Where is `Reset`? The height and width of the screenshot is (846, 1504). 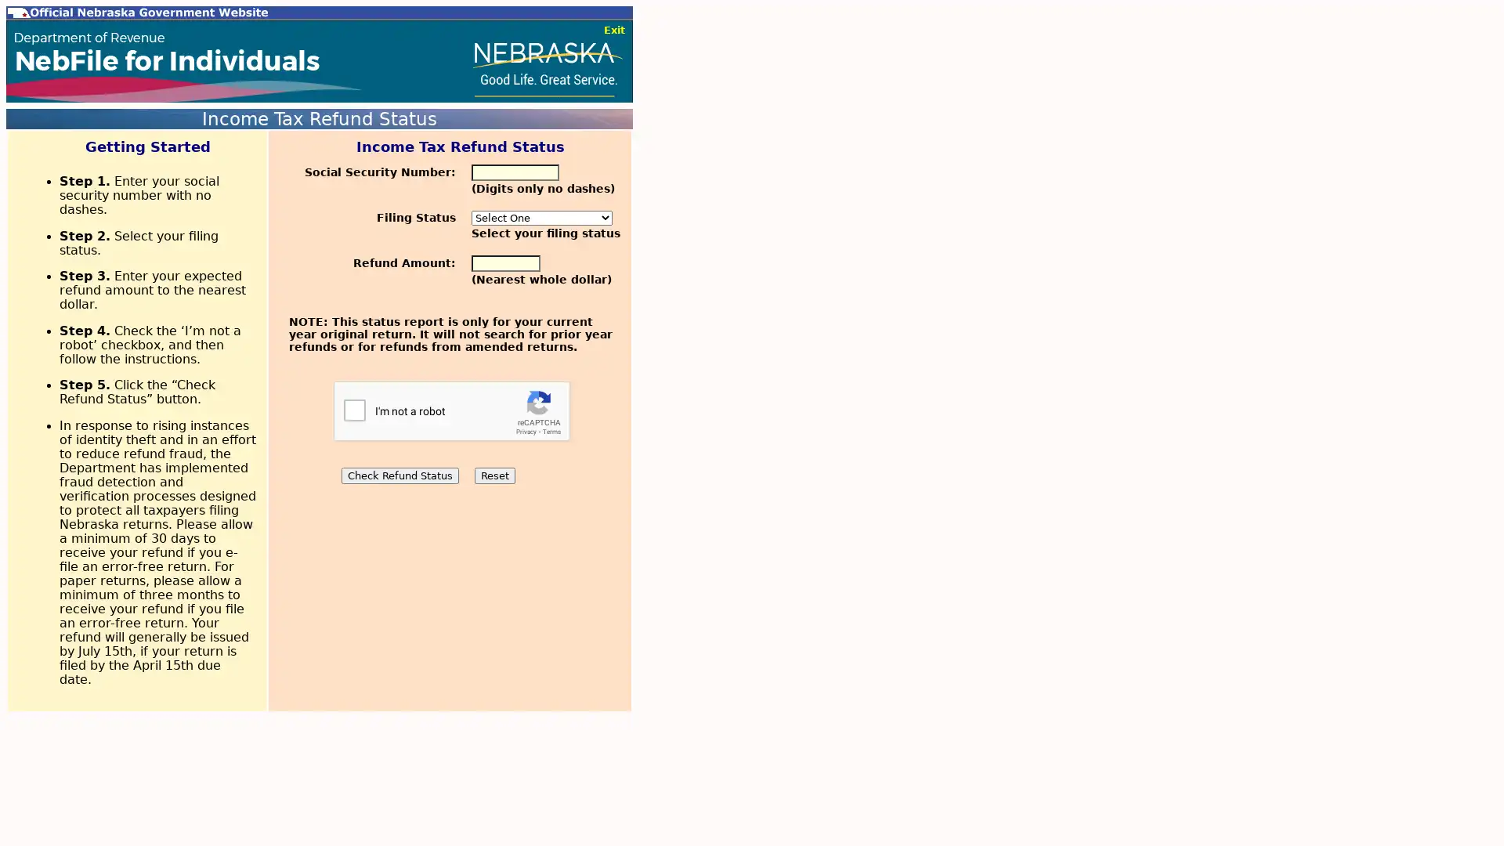 Reset is located at coordinates (493, 475).